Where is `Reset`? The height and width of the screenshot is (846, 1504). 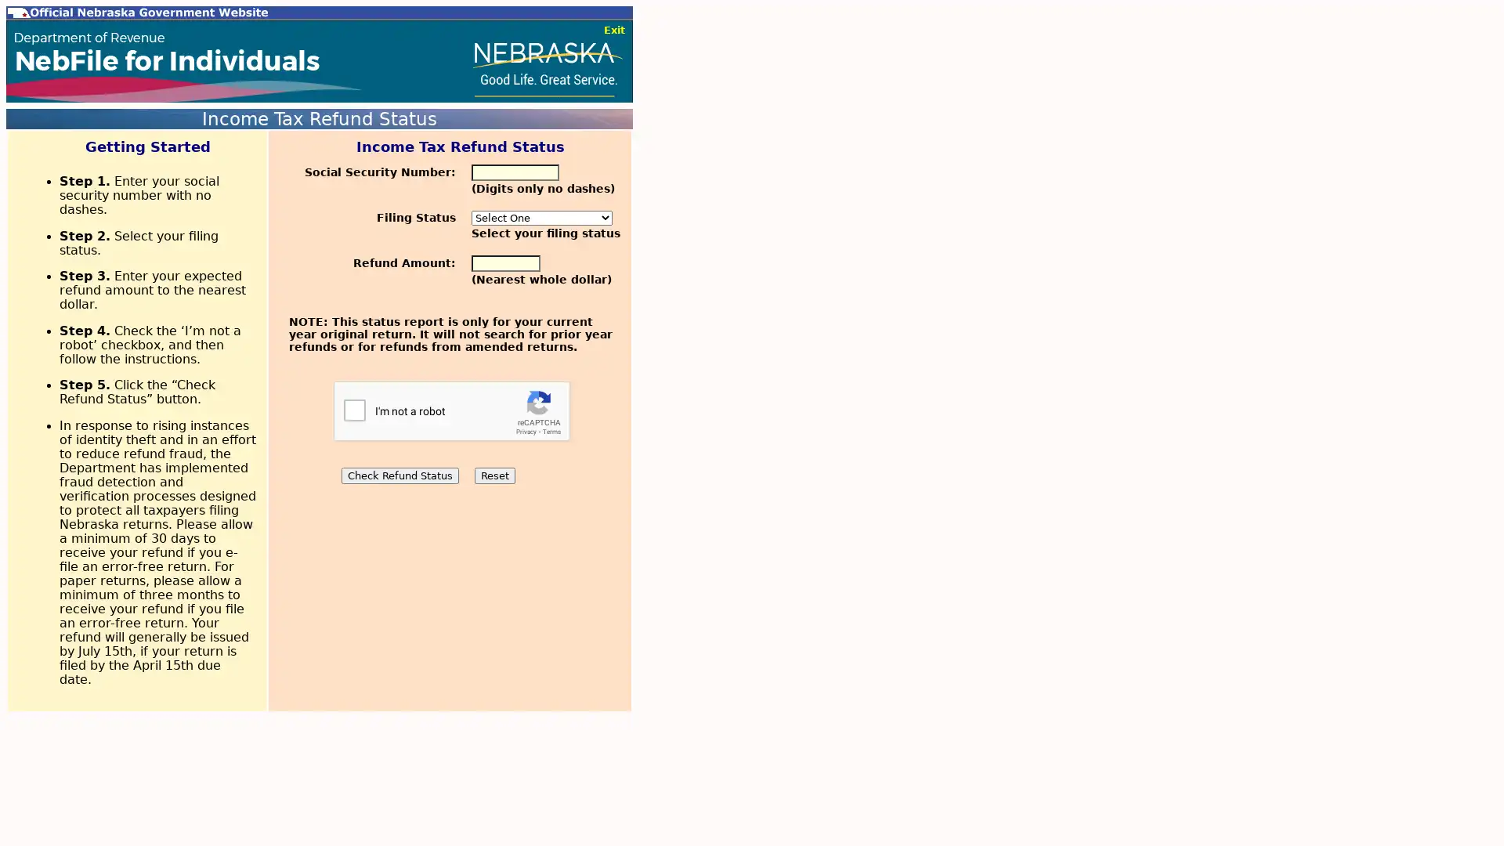 Reset is located at coordinates (493, 475).